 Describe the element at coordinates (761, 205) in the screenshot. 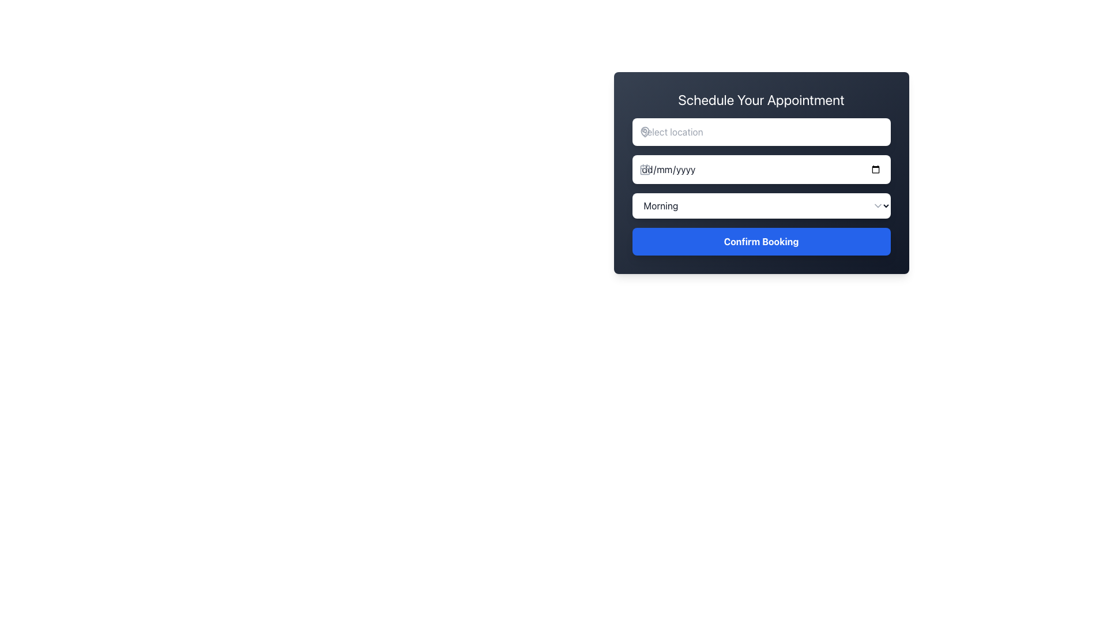

I see `the dropdown menu for selecting a time period, which is positioned below the date picker and above the 'Confirm Booking' button` at that location.